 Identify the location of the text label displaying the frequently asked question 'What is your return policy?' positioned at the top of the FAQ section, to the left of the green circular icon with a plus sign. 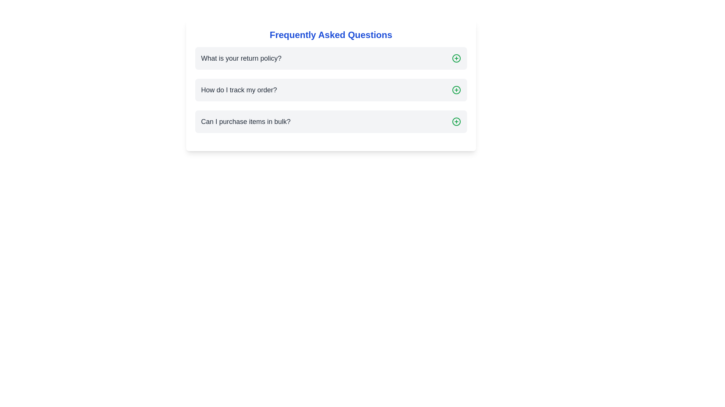
(241, 58).